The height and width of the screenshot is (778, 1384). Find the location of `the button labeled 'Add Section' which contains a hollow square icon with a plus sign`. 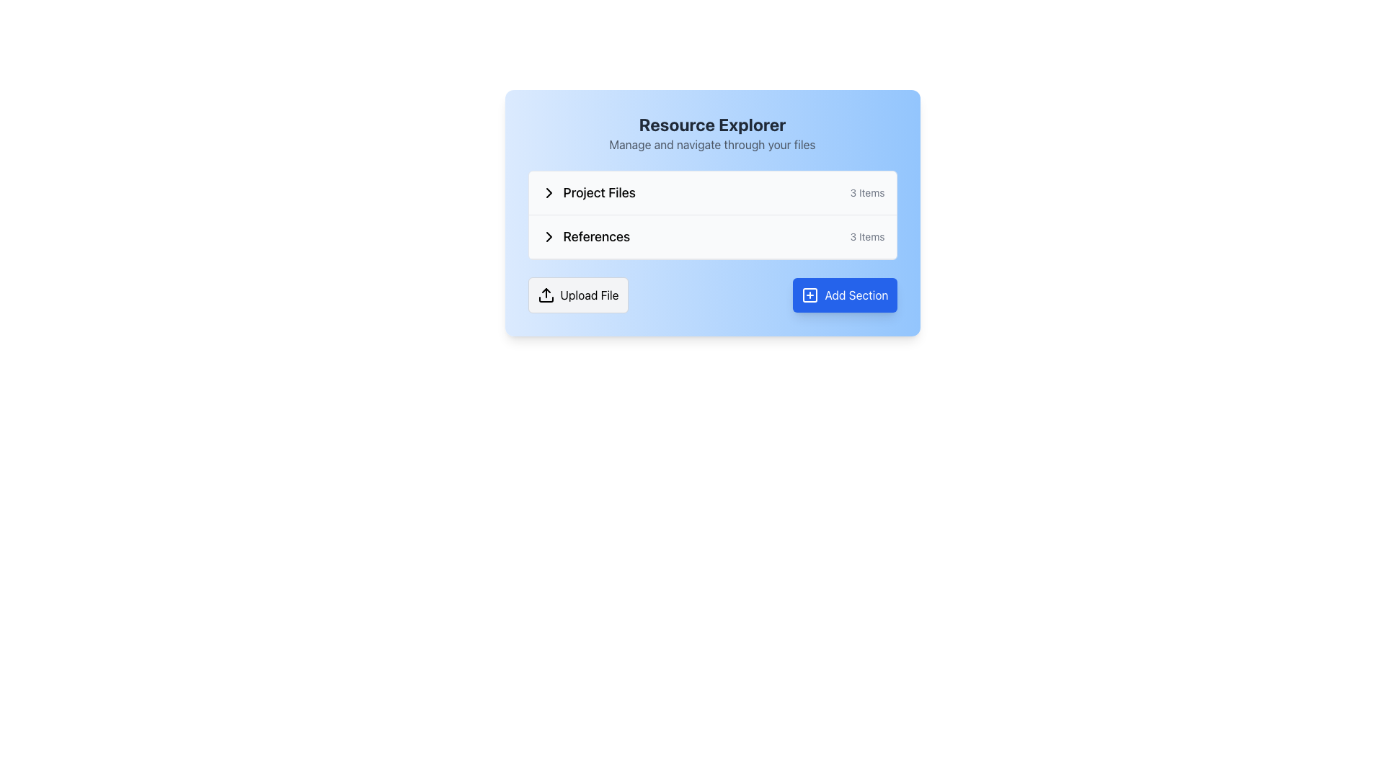

the button labeled 'Add Section' which contains a hollow square icon with a plus sign is located at coordinates (810, 294).